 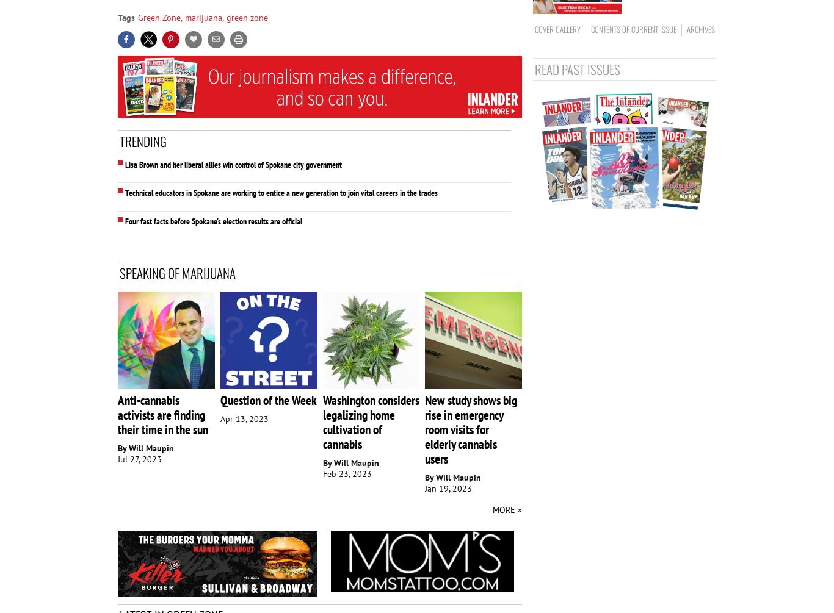 What do you see at coordinates (506, 509) in the screenshot?
I see `'More »'` at bounding box center [506, 509].